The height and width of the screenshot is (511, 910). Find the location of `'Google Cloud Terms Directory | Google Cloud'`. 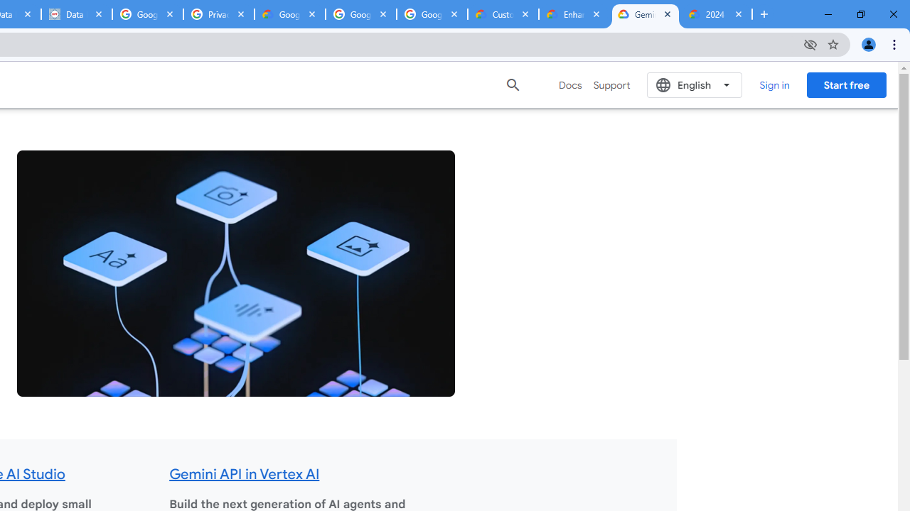

'Google Cloud Terms Directory | Google Cloud' is located at coordinates (289, 14).